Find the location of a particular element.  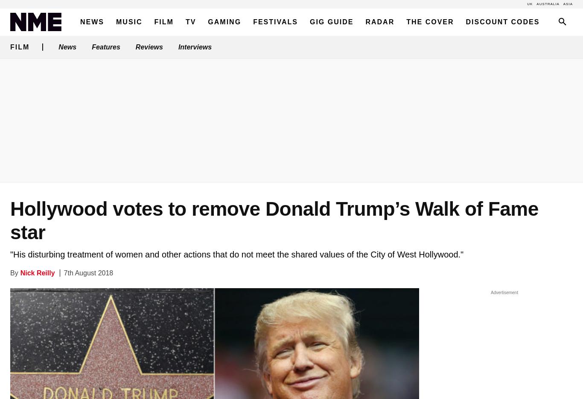

'Advertisement' is located at coordinates (504, 292).